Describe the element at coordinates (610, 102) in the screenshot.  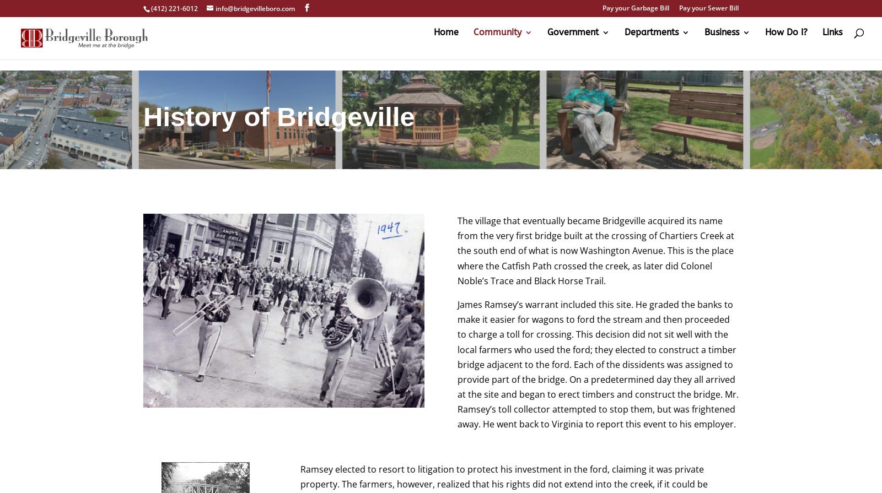
I see `'Code of Ordinances / Fee Schedule'` at that location.